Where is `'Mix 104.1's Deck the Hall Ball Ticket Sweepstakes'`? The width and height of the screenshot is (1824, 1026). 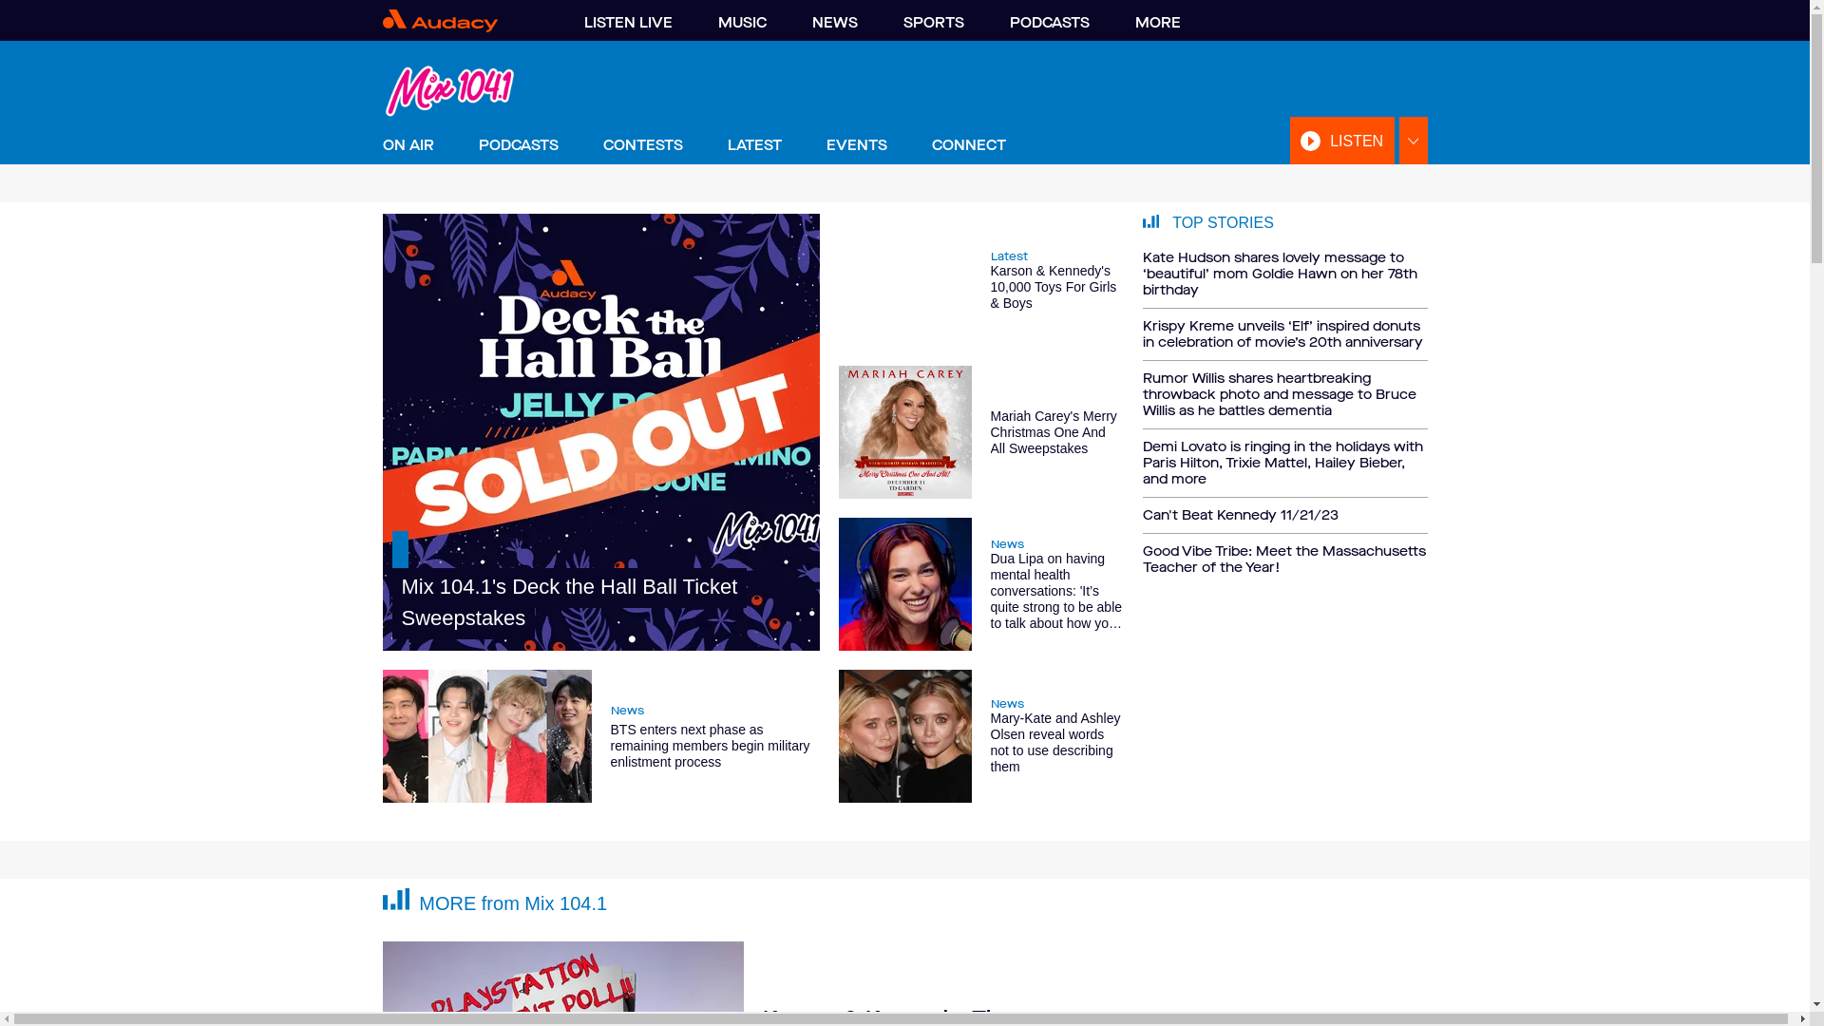 'Mix 104.1's Deck the Hall Ball Ticket Sweepstakes' is located at coordinates (599, 432).